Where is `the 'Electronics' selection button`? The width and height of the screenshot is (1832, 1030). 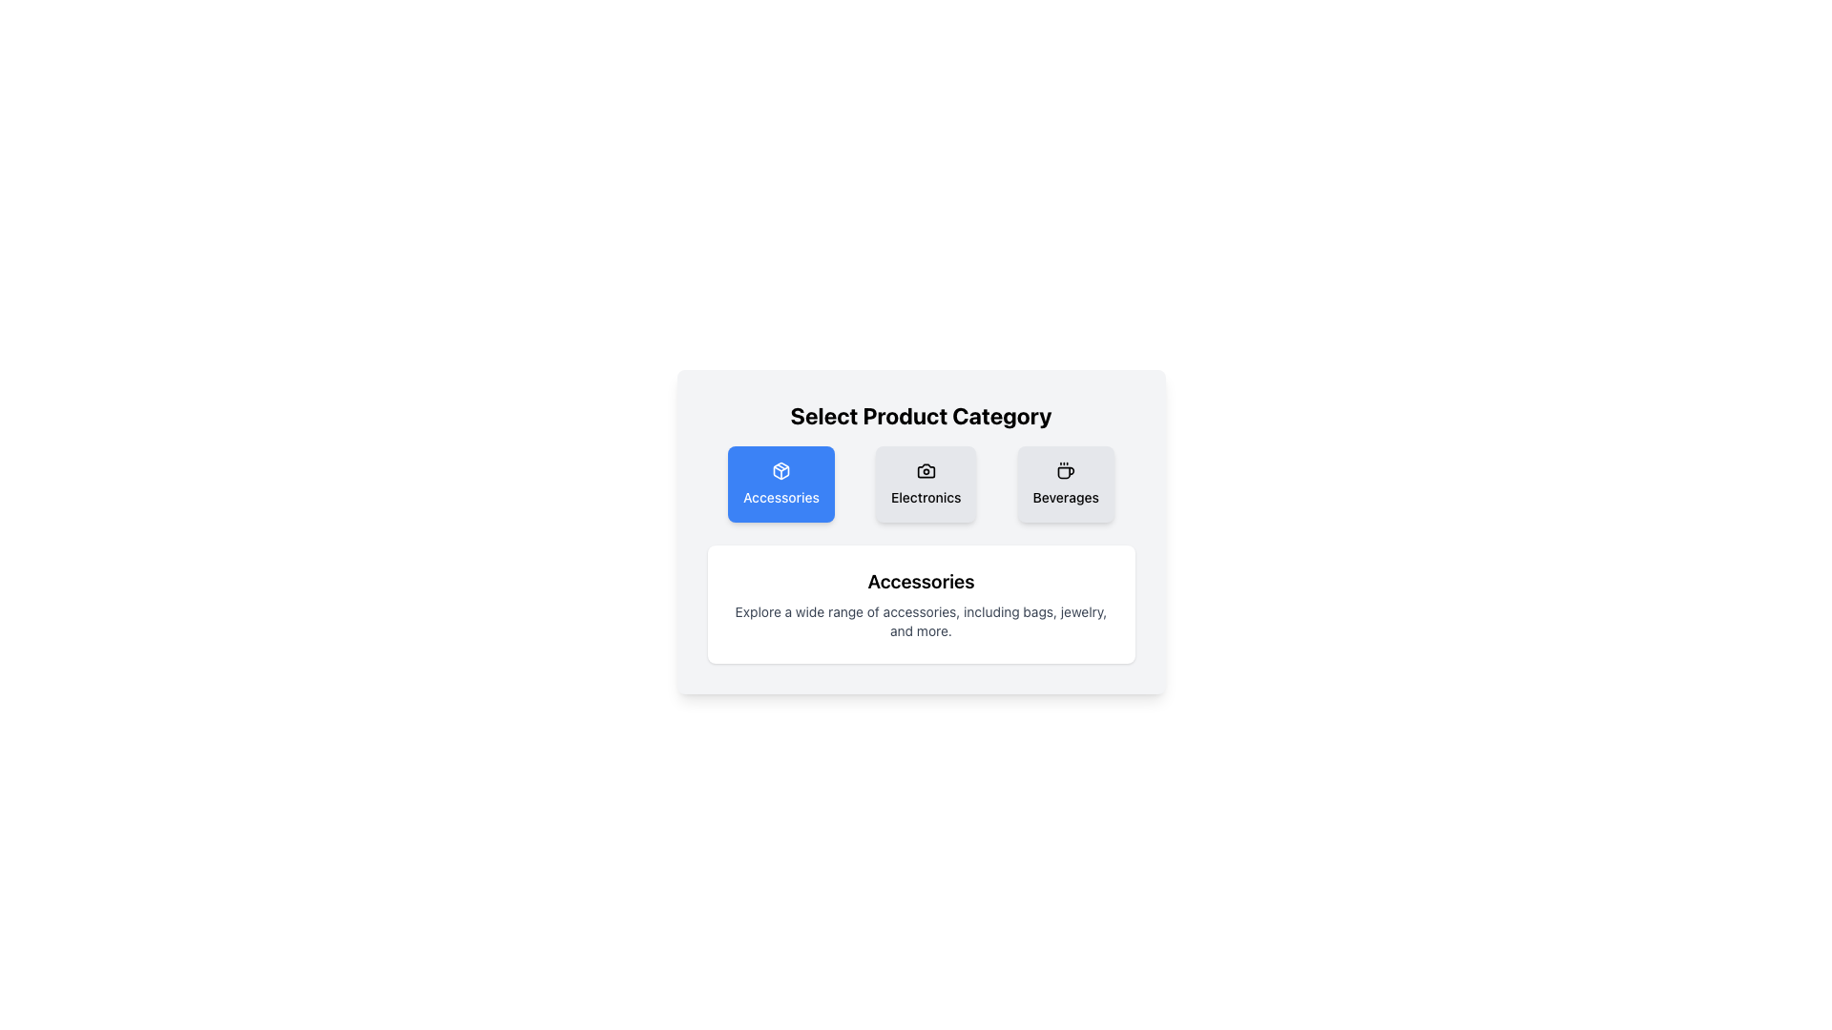
the 'Electronics' selection button is located at coordinates (921, 484).